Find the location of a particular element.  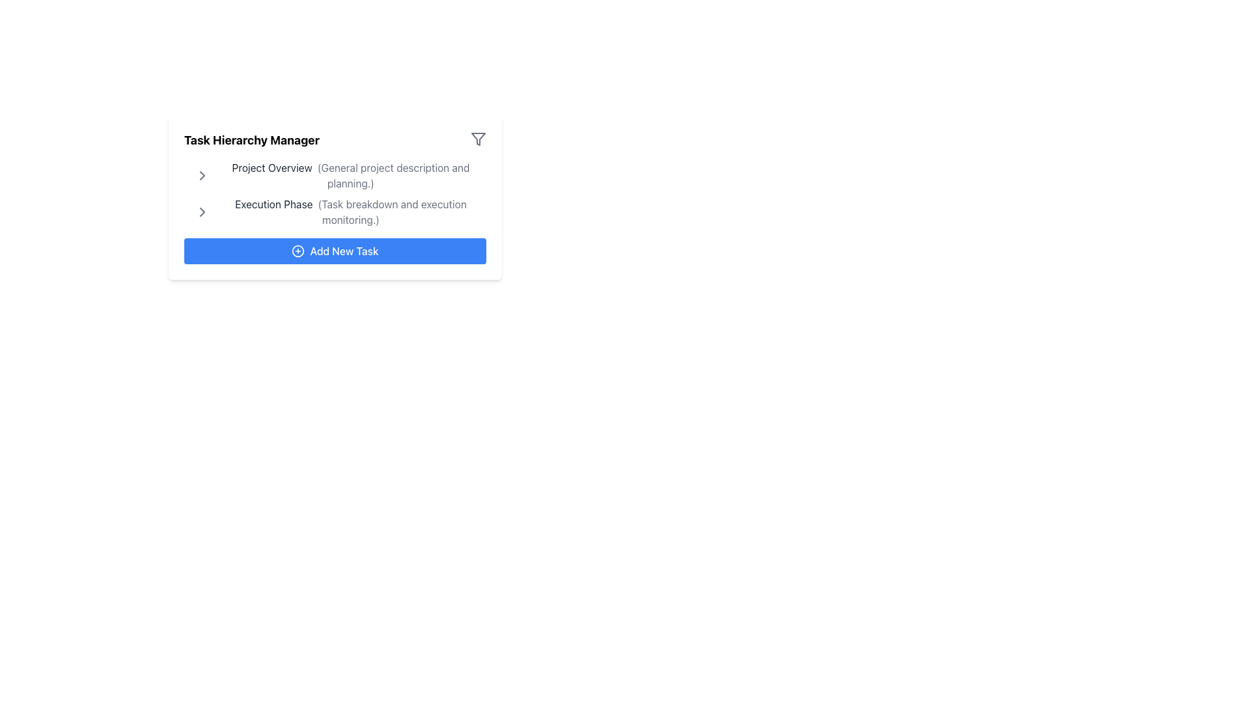

text displayed in the 'Task Hierarchy Manager' section, specifically the lines 'Project Overview' and 'Execution Phase' along with their descriptions is located at coordinates (340, 193).